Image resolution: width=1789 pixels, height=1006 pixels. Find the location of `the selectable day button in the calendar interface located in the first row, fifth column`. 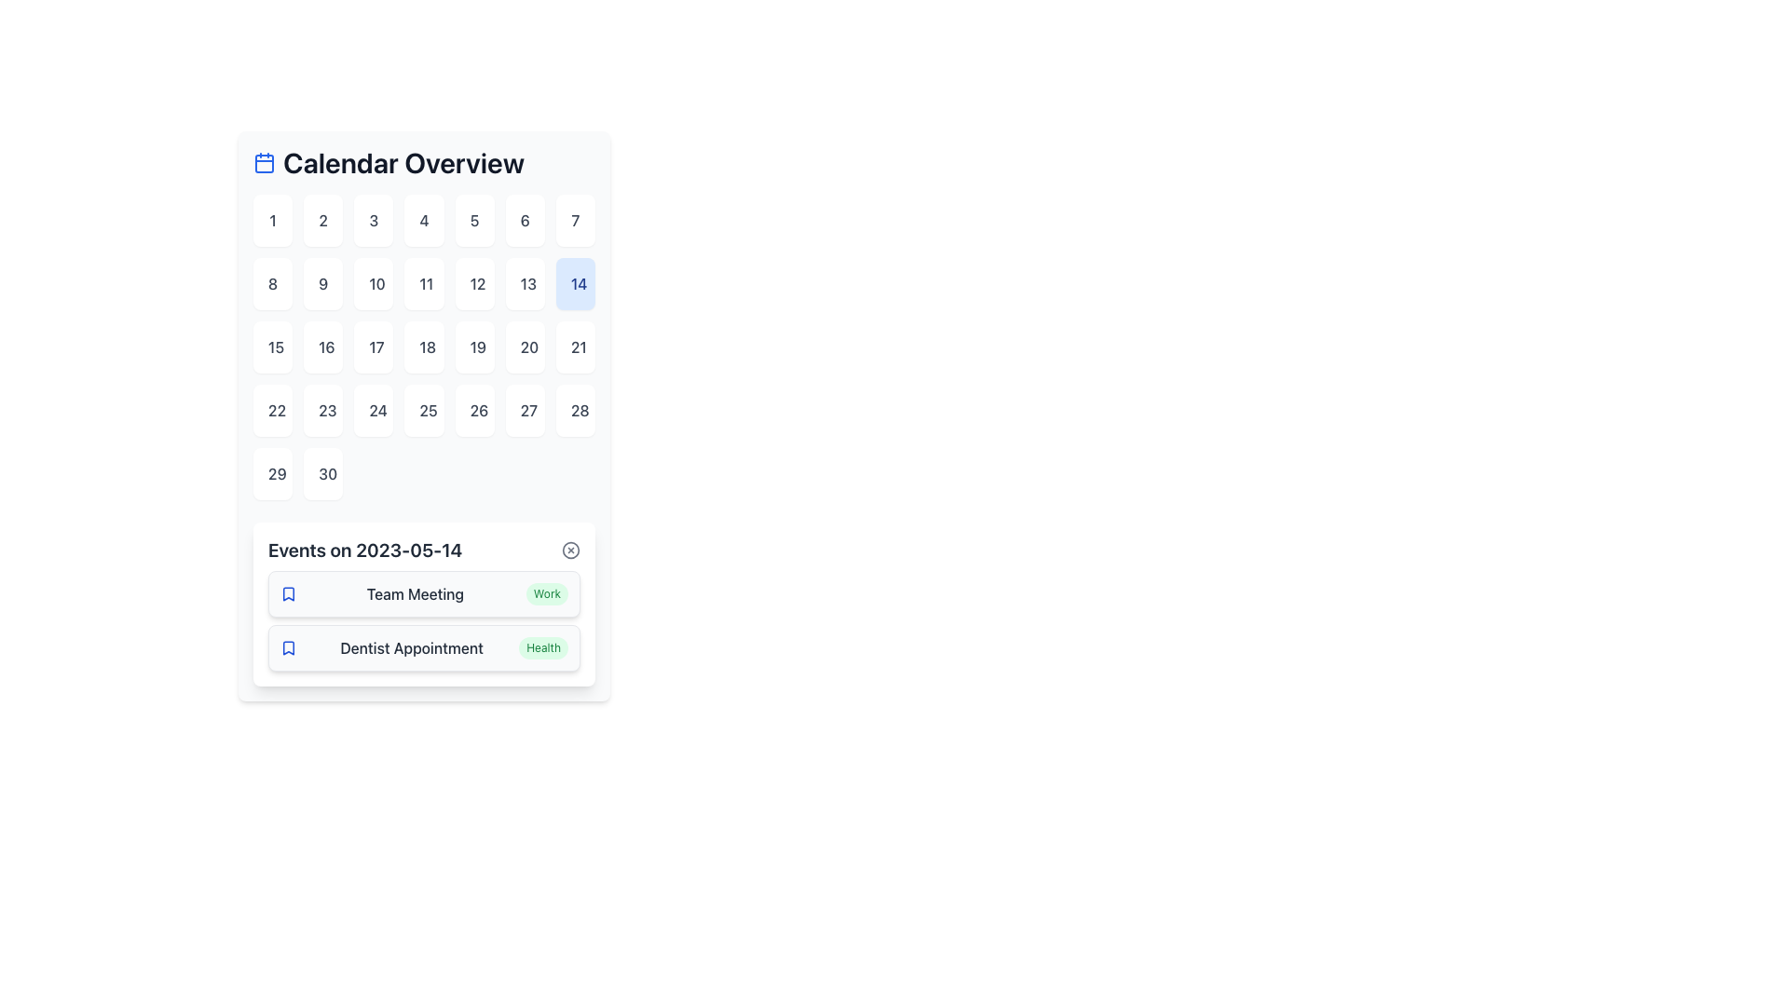

the selectable day button in the calendar interface located in the first row, fifth column is located at coordinates (474, 219).